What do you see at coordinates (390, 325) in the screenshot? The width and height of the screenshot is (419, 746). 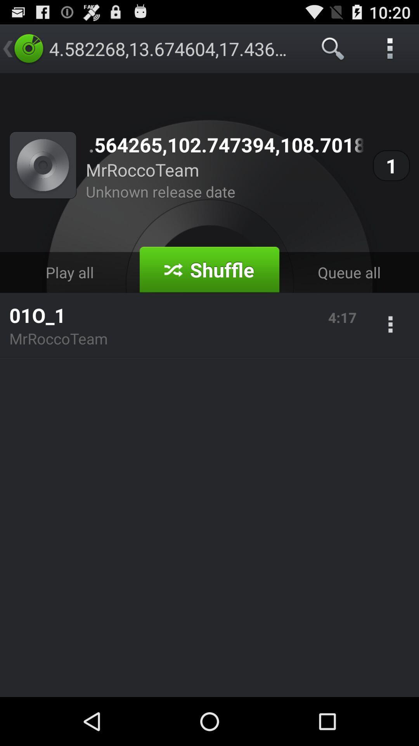 I see `more options` at bounding box center [390, 325].